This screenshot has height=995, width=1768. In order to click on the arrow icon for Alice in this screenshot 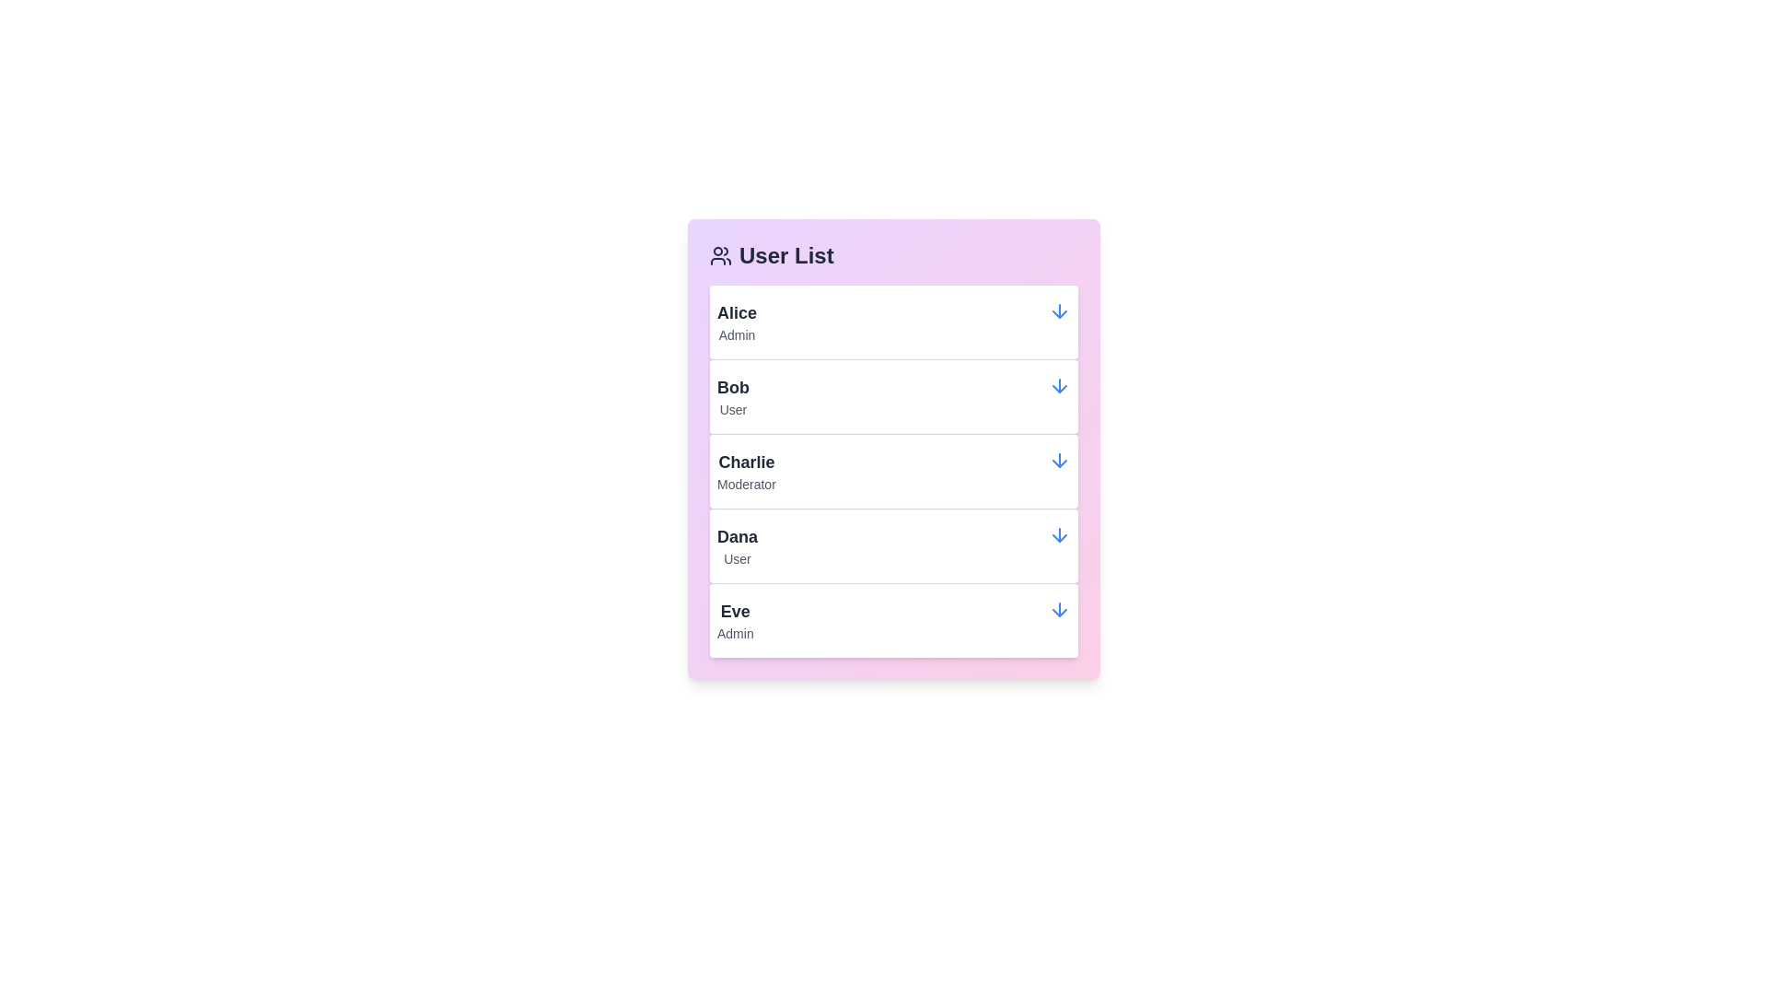, I will do `click(1060, 310)`.